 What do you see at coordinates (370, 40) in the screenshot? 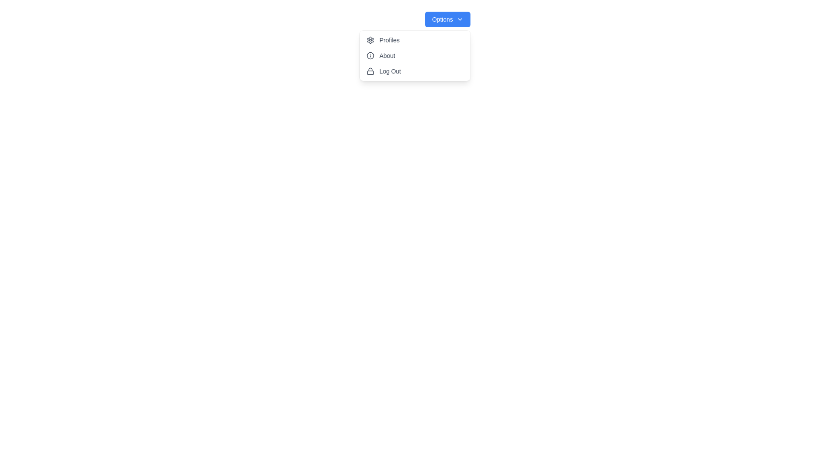
I see `the cogwheel-shaped icon associated with the 'Profiles' menu option in the dropdown menu` at bounding box center [370, 40].